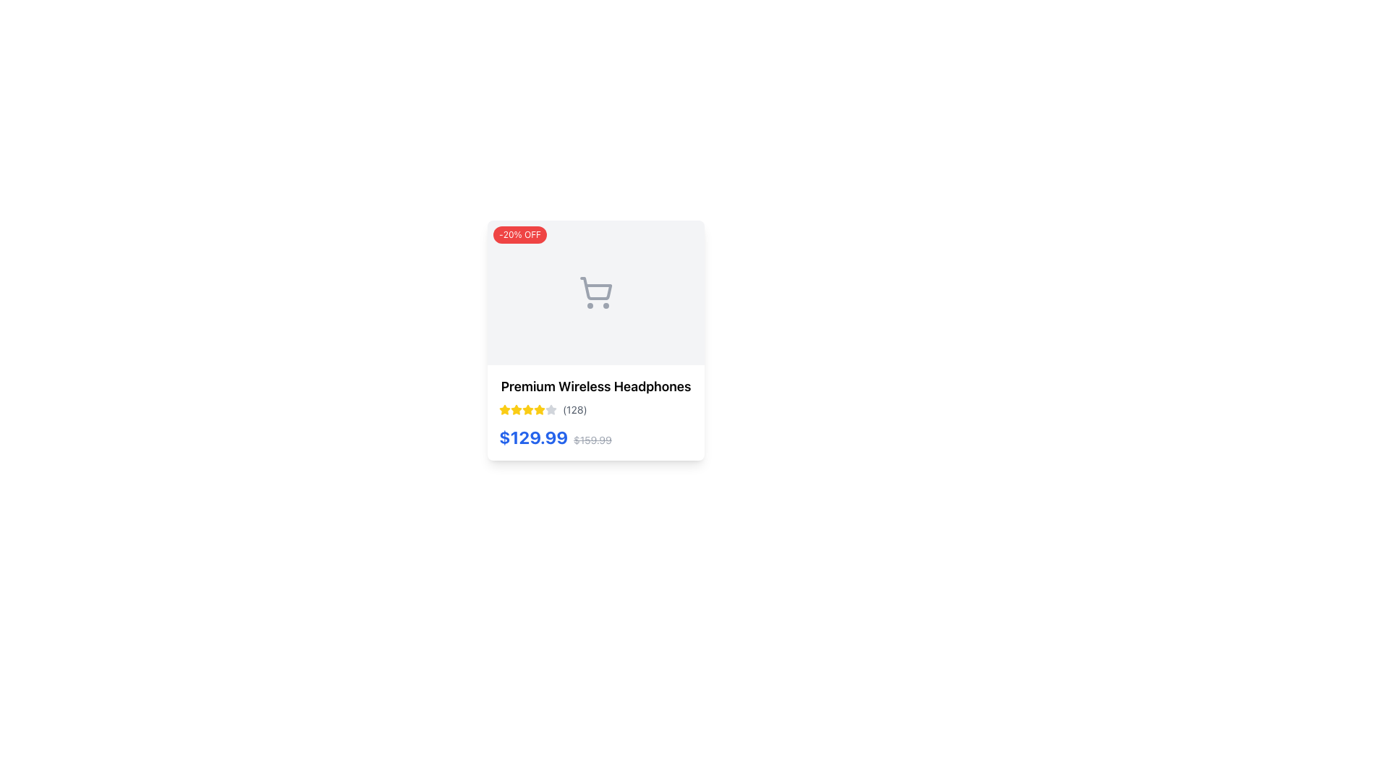 The height and width of the screenshot is (781, 1389). I want to click on the third star icon in the 5-star rating system located below the product title, which indicates a selection or rating level, so click(538, 409).